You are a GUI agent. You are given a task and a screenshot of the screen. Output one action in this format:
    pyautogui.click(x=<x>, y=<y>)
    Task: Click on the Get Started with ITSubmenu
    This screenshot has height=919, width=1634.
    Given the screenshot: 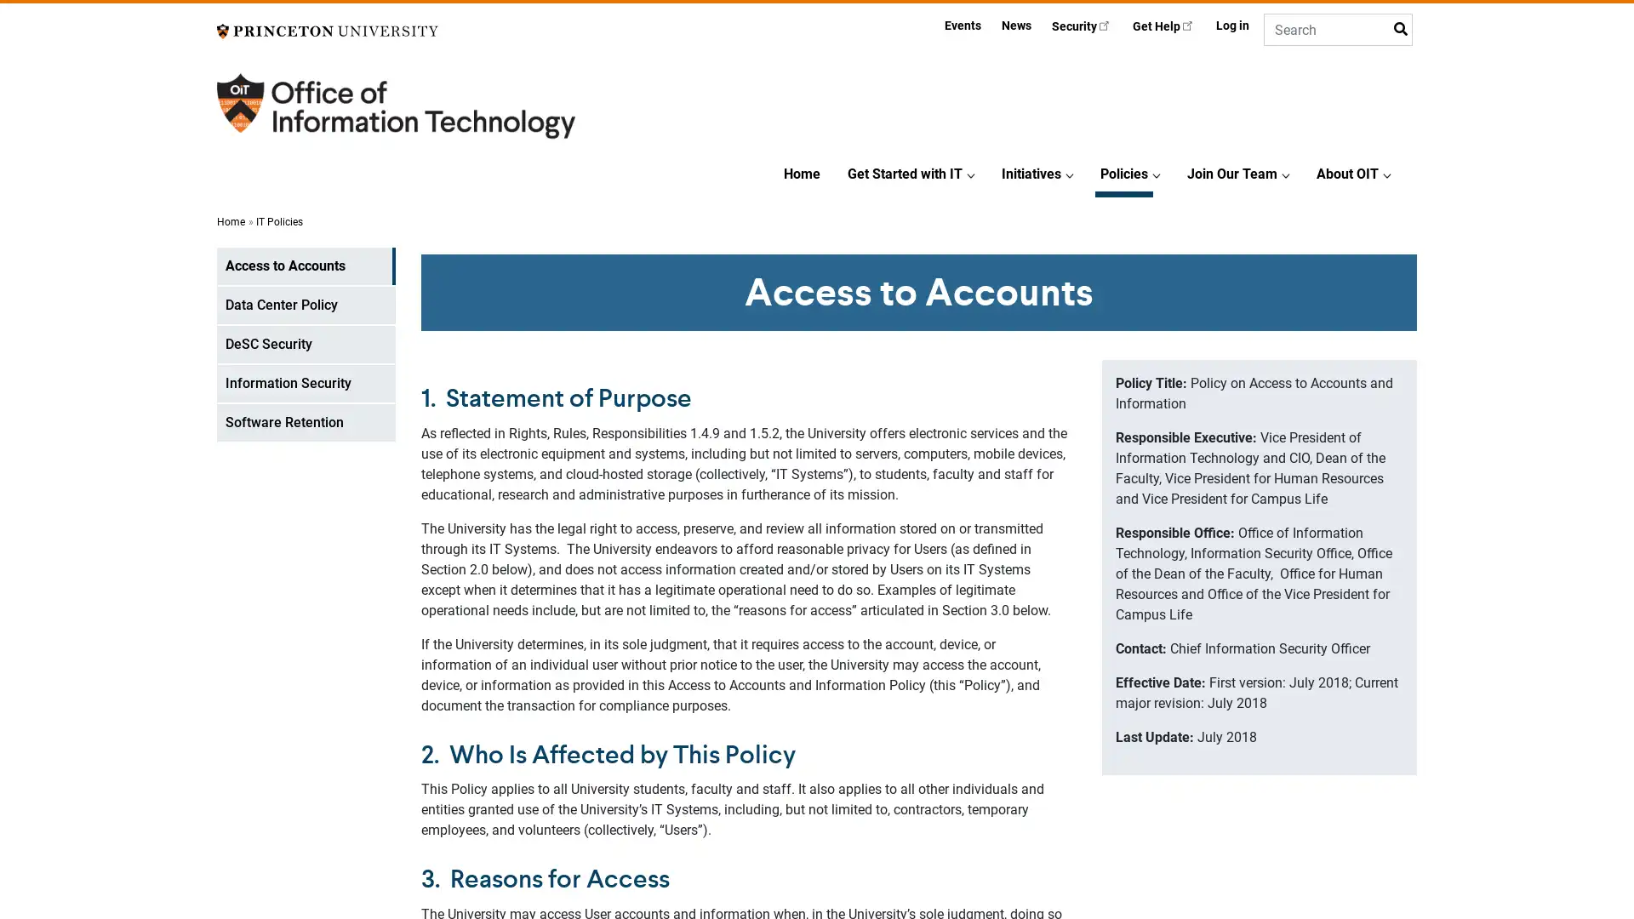 What is the action you would take?
    pyautogui.click(x=971, y=175)
    